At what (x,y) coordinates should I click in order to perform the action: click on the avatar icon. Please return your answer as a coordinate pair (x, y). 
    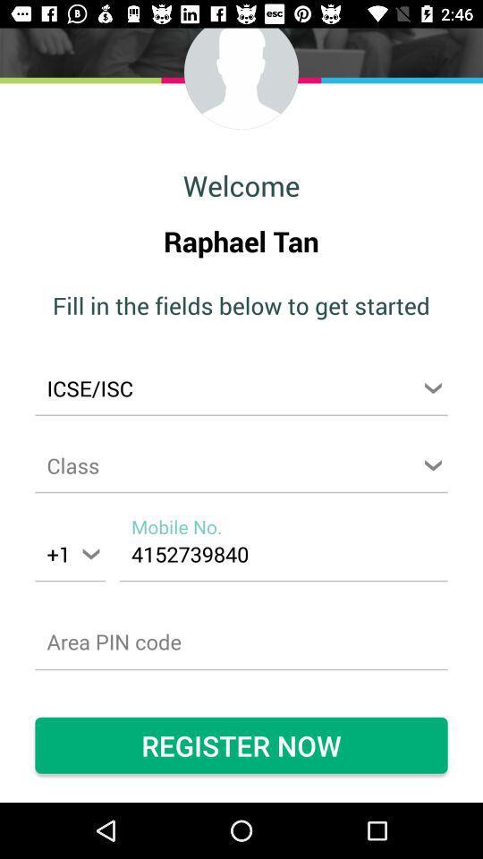
    Looking at the image, I should click on (241, 68).